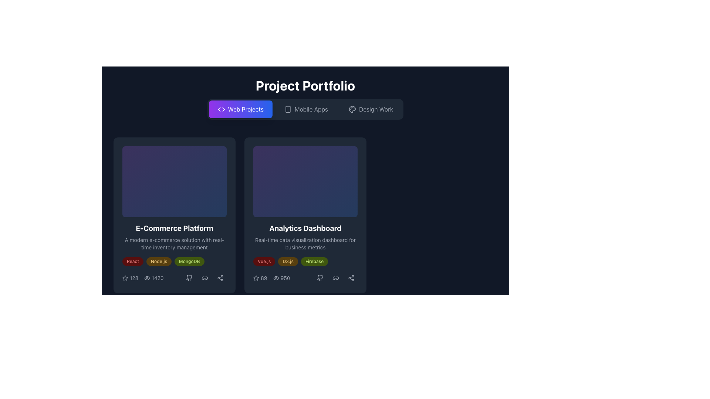  I want to click on the GitHub logo icon located within the 'E-Commerce Platform' card, so click(189, 278).